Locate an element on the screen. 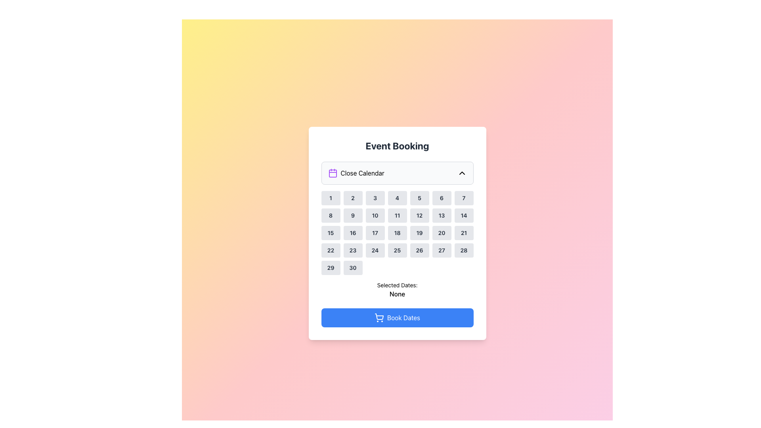 Image resolution: width=761 pixels, height=428 pixels. the button labeled '14' in the calendar interface is located at coordinates (464, 215).